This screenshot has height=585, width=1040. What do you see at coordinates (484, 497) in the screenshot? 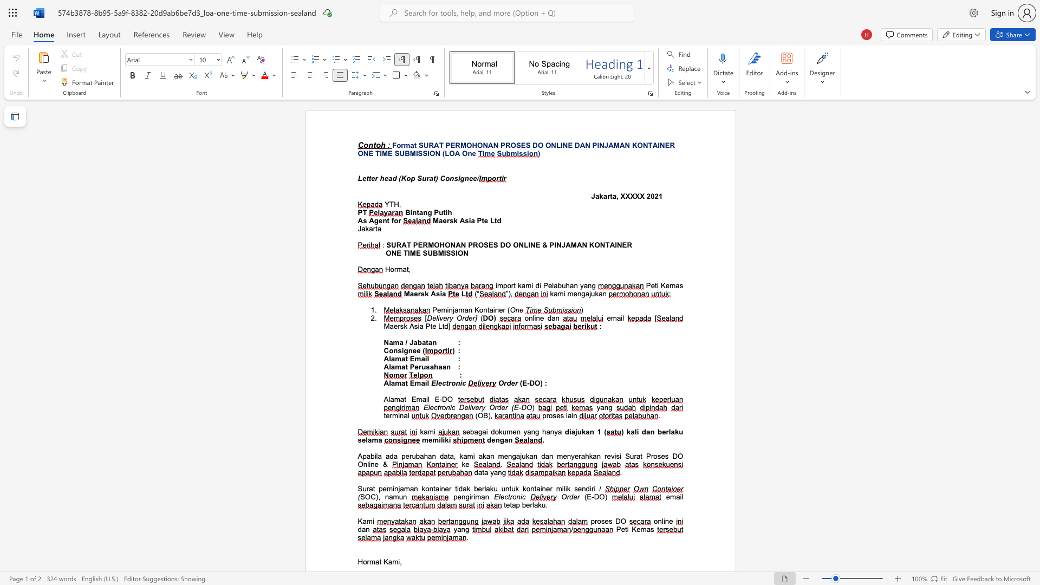
I see `the space between the continuous character "a" and "n" in the text` at bounding box center [484, 497].